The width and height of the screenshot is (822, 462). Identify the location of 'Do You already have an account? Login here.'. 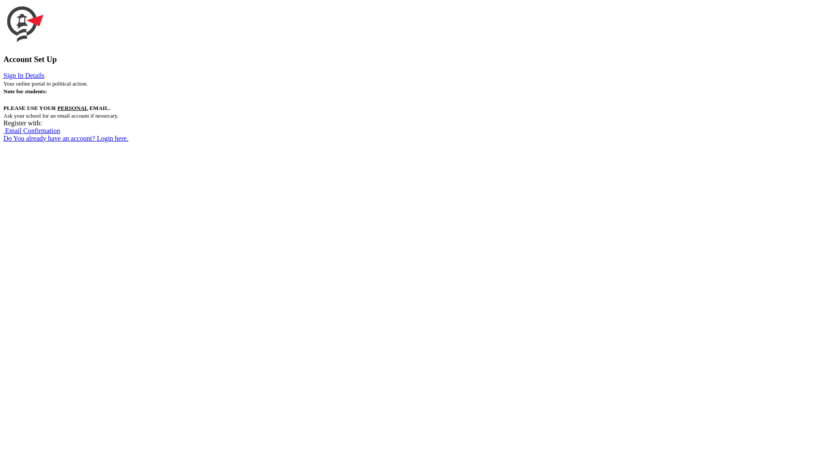
(65, 138).